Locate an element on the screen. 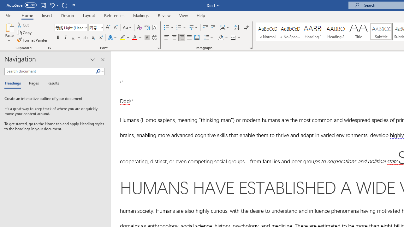 Image resolution: width=404 pixels, height=227 pixels. 'Font Color Red' is located at coordinates (134, 38).